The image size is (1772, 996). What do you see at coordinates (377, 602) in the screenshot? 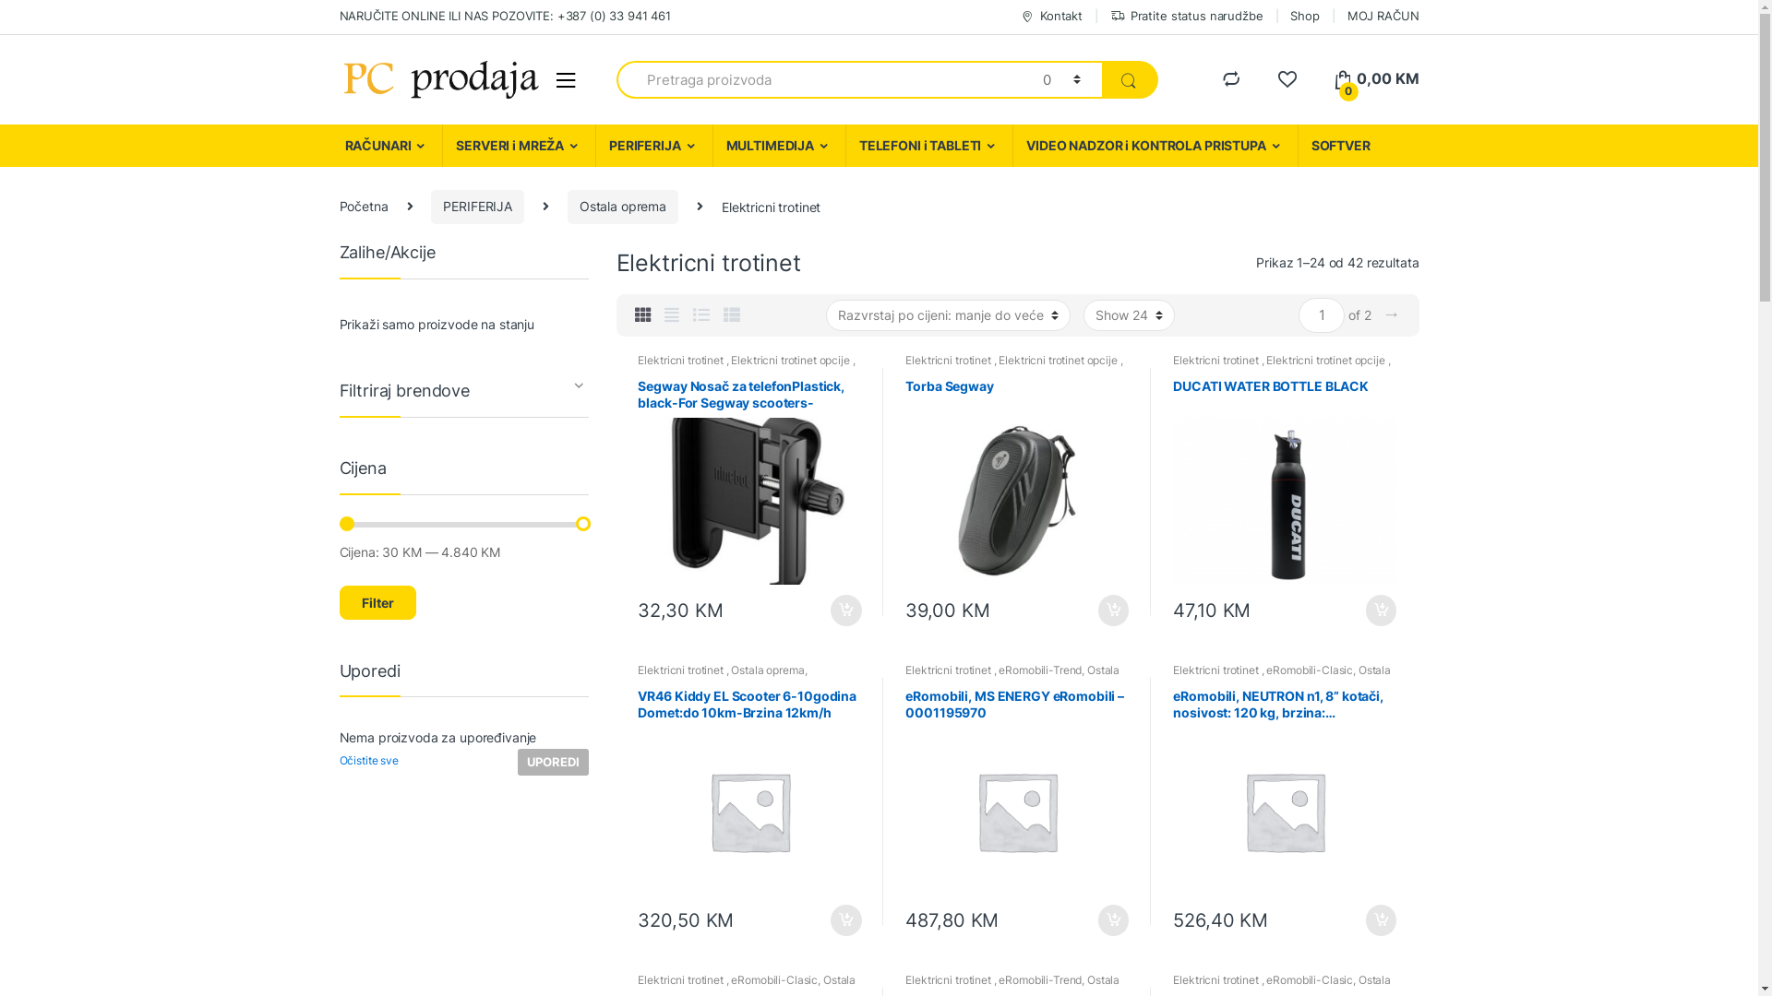
I see `'Filter'` at bounding box center [377, 602].